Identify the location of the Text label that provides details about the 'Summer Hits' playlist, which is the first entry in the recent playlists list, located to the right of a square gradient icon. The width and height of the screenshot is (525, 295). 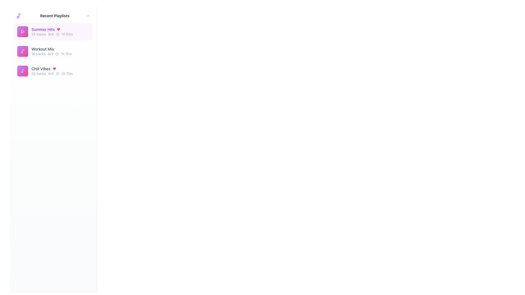
(60, 31).